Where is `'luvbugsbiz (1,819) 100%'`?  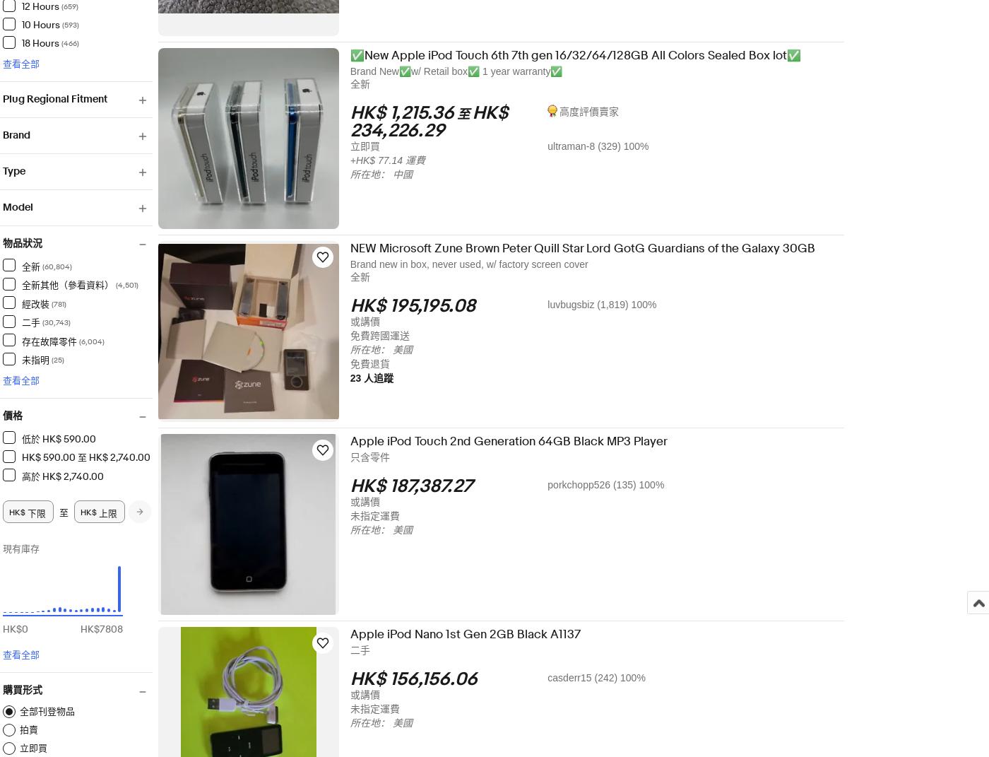 'luvbugsbiz (1,819) 100%' is located at coordinates (611, 304).